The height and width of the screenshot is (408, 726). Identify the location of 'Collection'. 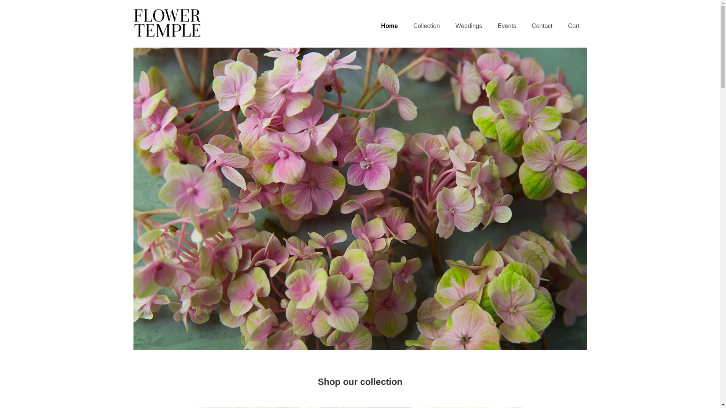
(427, 26).